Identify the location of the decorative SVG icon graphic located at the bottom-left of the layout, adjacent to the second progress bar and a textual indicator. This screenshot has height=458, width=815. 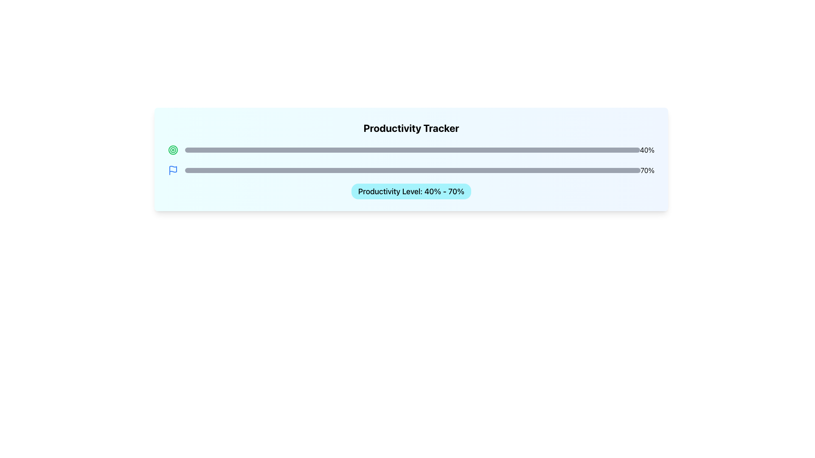
(173, 169).